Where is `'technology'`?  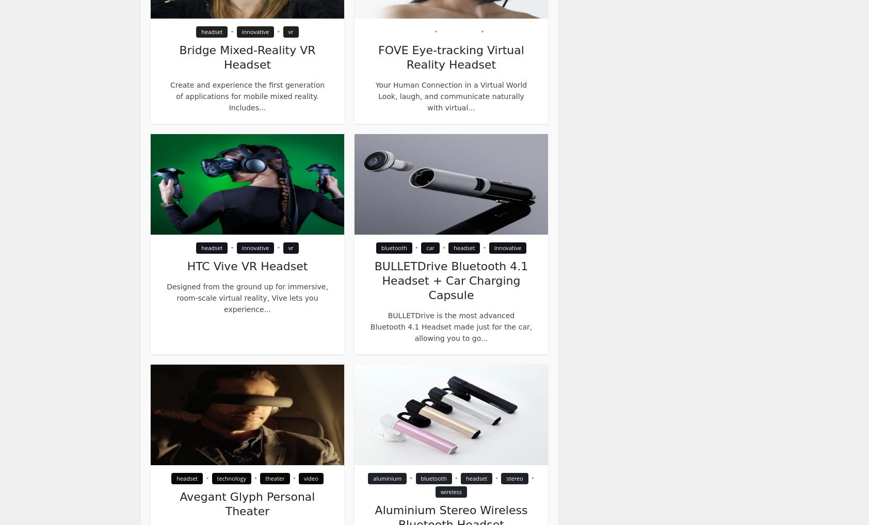 'technology' is located at coordinates (230, 478).